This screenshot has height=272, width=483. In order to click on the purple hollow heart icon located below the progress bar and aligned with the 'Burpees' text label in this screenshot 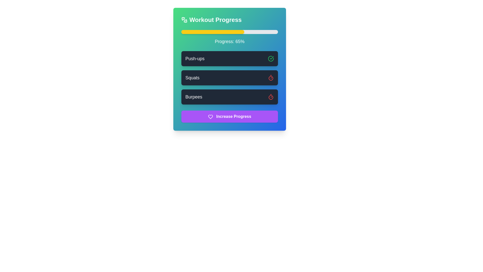, I will do `click(211, 117)`.